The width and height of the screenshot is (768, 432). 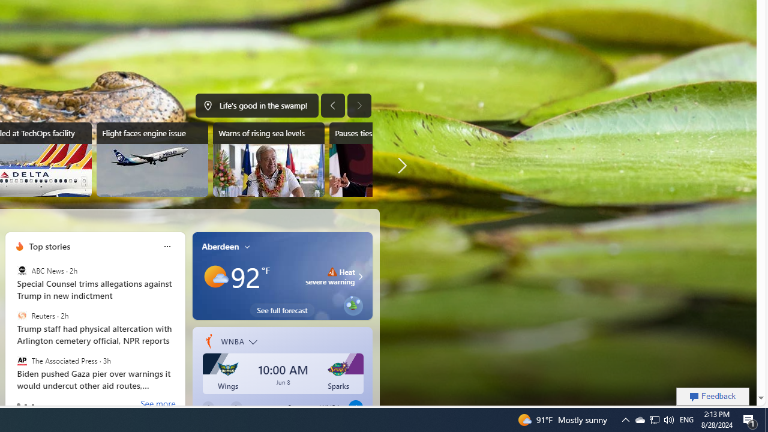 I want to click on 'Wings10:00 AMJun 8Sparks', so click(x=283, y=375).